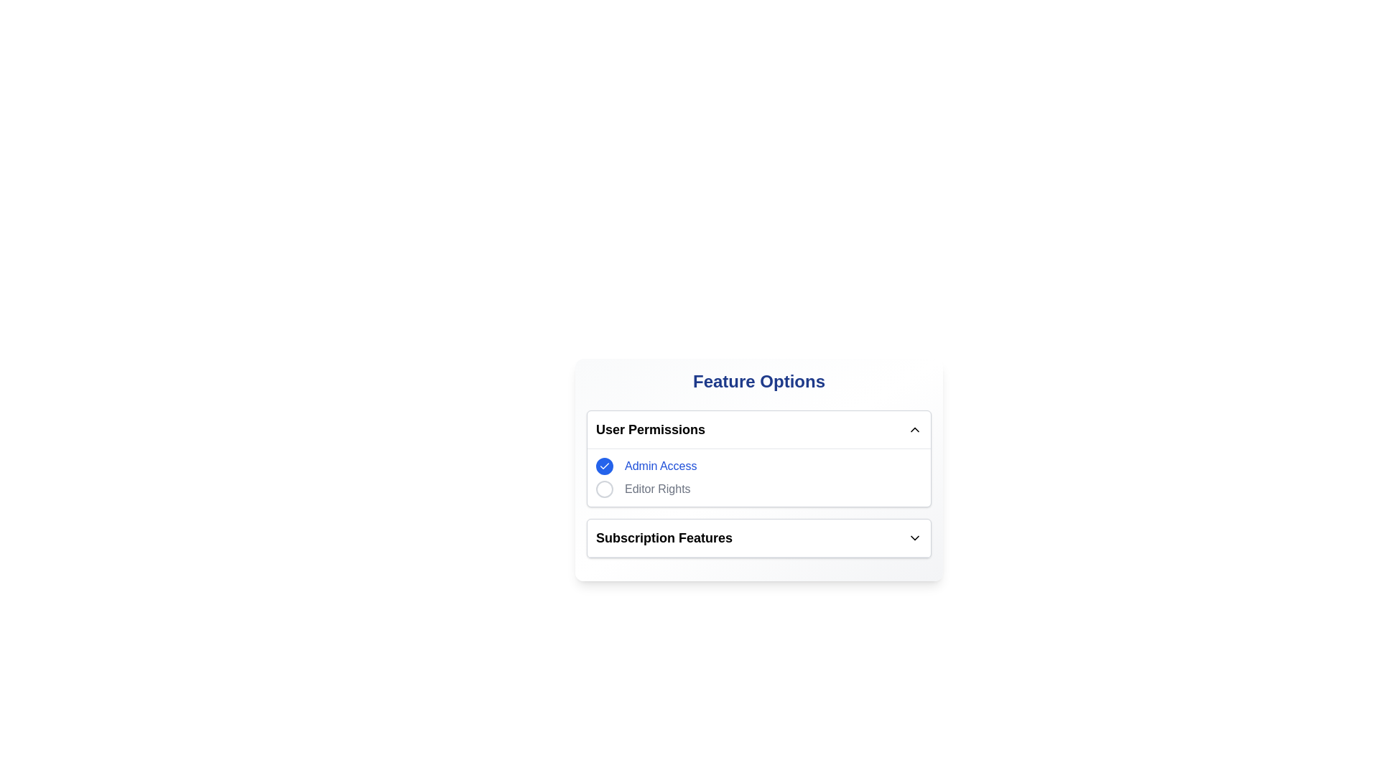  What do you see at coordinates (660, 466) in the screenshot?
I see `text 'Admin Access' from the Text label element styled in blue, positioned in the 'User Permissions' section next to a blue circular icon` at bounding box center [660, 466].